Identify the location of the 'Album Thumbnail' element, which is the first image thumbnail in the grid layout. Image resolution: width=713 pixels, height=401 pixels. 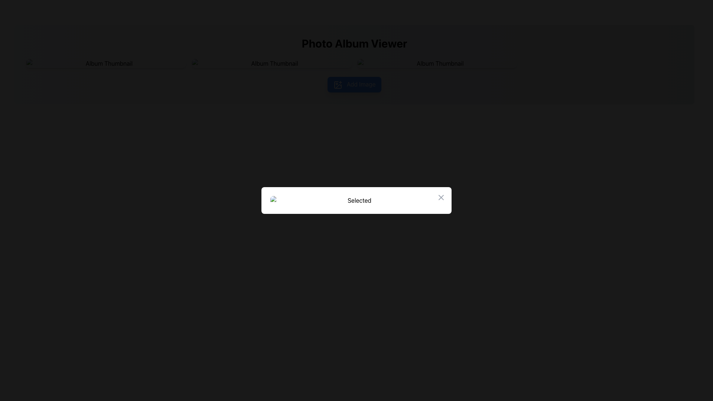
(105, 63).